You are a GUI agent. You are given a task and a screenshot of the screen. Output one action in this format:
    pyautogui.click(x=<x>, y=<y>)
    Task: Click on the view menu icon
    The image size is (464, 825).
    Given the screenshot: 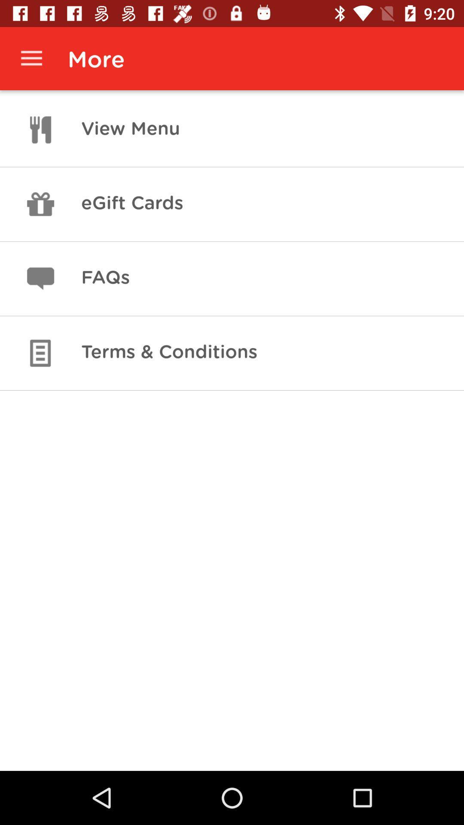 What is the action you would take?
    pyautogui.click(x=131, y=129)
    